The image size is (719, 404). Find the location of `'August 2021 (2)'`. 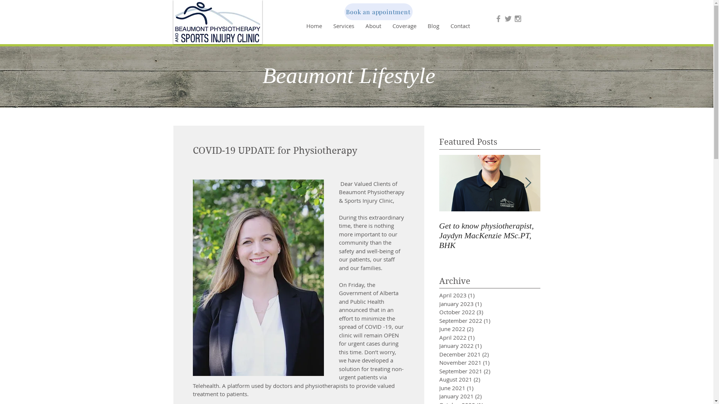

'August 2021 (2)' is located at coordinates (477, 379).